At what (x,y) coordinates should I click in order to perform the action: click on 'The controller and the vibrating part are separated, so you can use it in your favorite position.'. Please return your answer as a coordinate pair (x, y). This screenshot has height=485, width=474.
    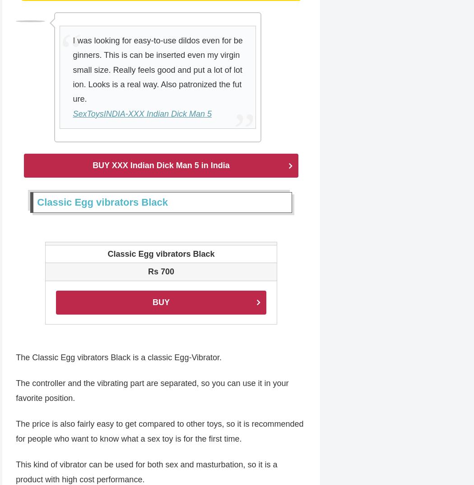
    Looking at the image, I should click on (152, 391).